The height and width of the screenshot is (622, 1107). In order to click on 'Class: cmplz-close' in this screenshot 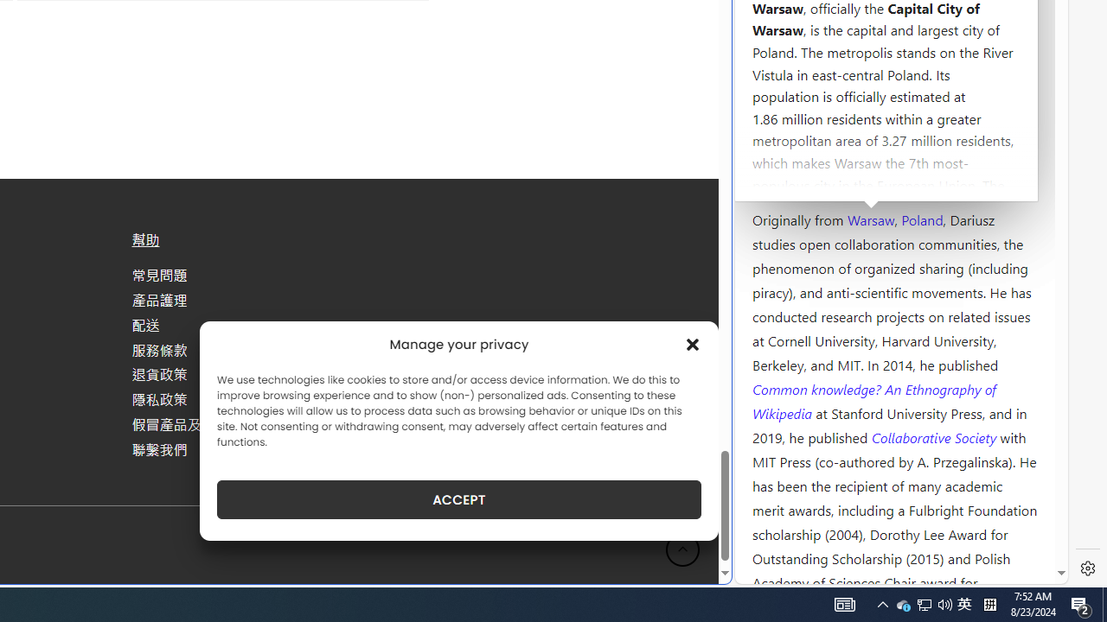, I will do `click(693, 344)`.